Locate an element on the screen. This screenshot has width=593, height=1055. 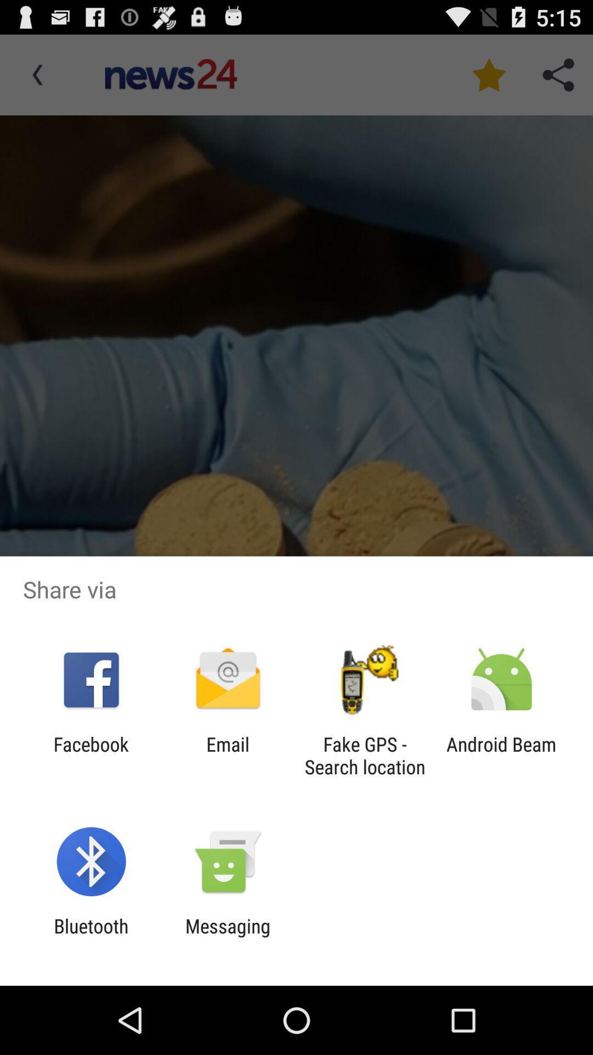
messaging is located at coordinates (227, 937).